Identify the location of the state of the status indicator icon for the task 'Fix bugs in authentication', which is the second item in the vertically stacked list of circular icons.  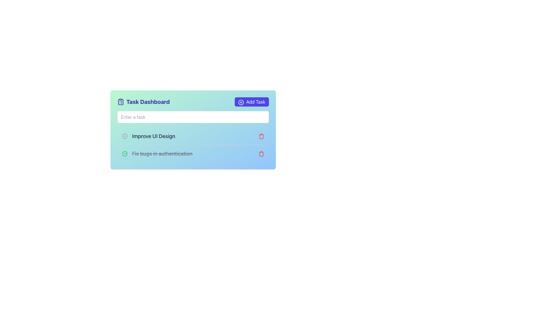
(124, 136).